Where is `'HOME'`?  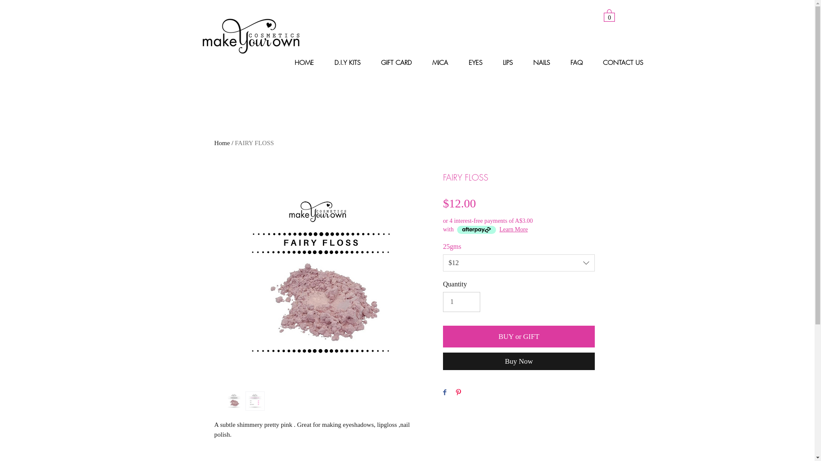 'HOME' is located at coordinates (308, 62).